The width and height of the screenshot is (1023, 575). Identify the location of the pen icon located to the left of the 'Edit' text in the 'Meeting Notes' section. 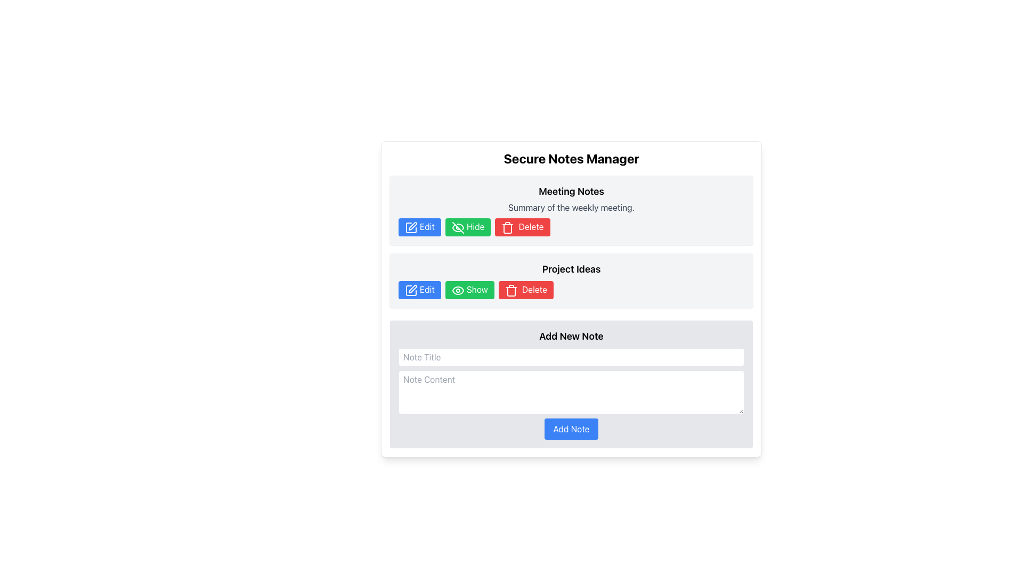
(411, 290).